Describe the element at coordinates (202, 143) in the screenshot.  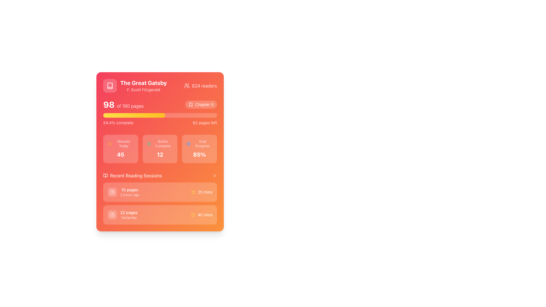
I see `text label displaying 'Goal Progress' in a subtle rose color located in the lower right portion of the progress indicator section` at that location.